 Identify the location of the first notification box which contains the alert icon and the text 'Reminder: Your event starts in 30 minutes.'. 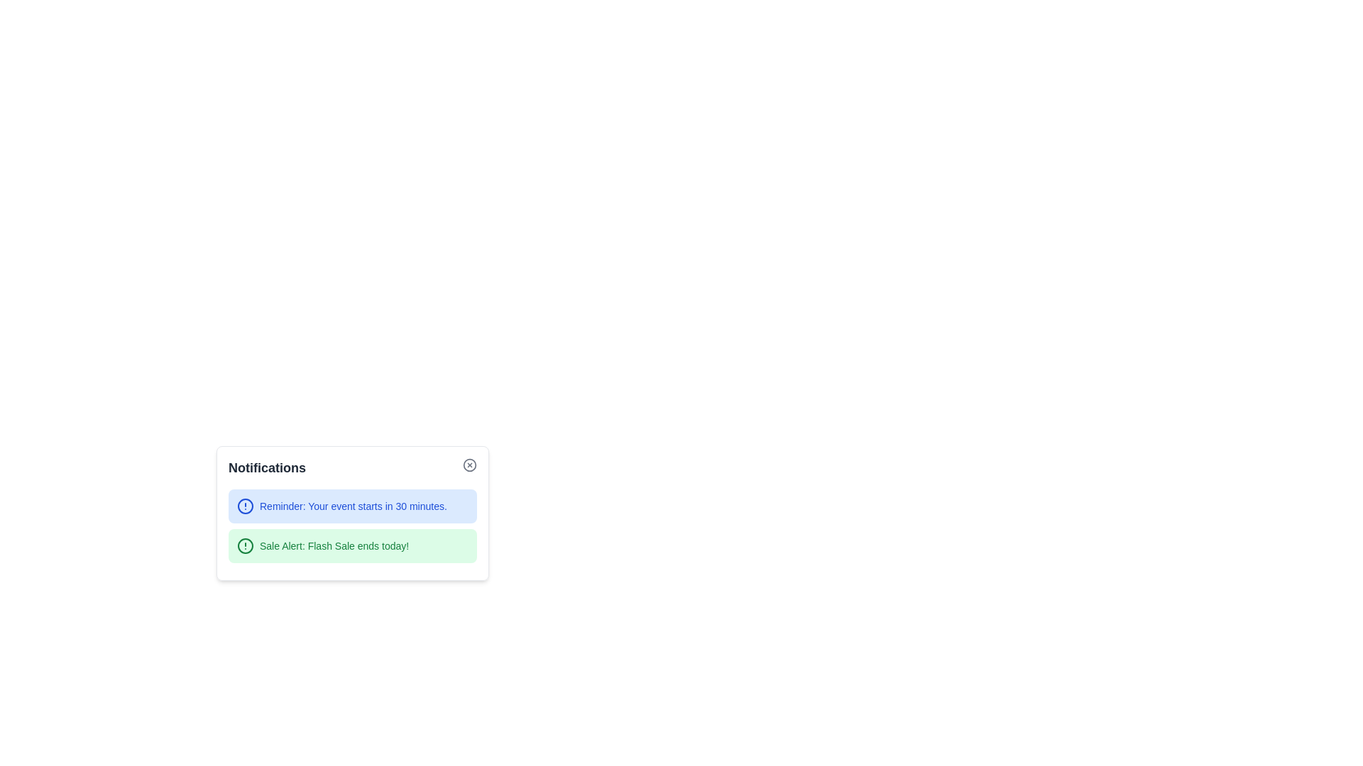
(353, 505).